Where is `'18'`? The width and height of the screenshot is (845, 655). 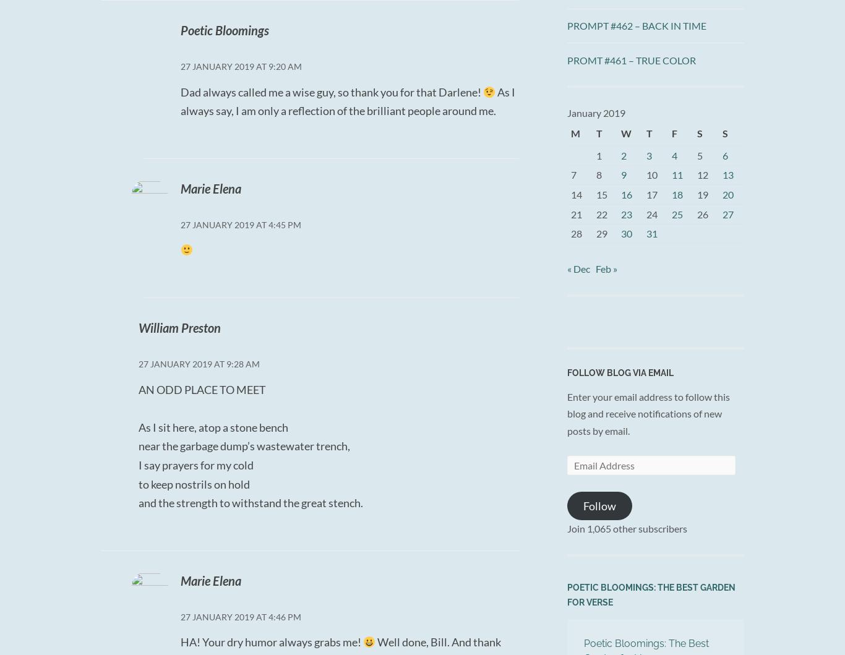
'18' is located at coordinates (676, 194).